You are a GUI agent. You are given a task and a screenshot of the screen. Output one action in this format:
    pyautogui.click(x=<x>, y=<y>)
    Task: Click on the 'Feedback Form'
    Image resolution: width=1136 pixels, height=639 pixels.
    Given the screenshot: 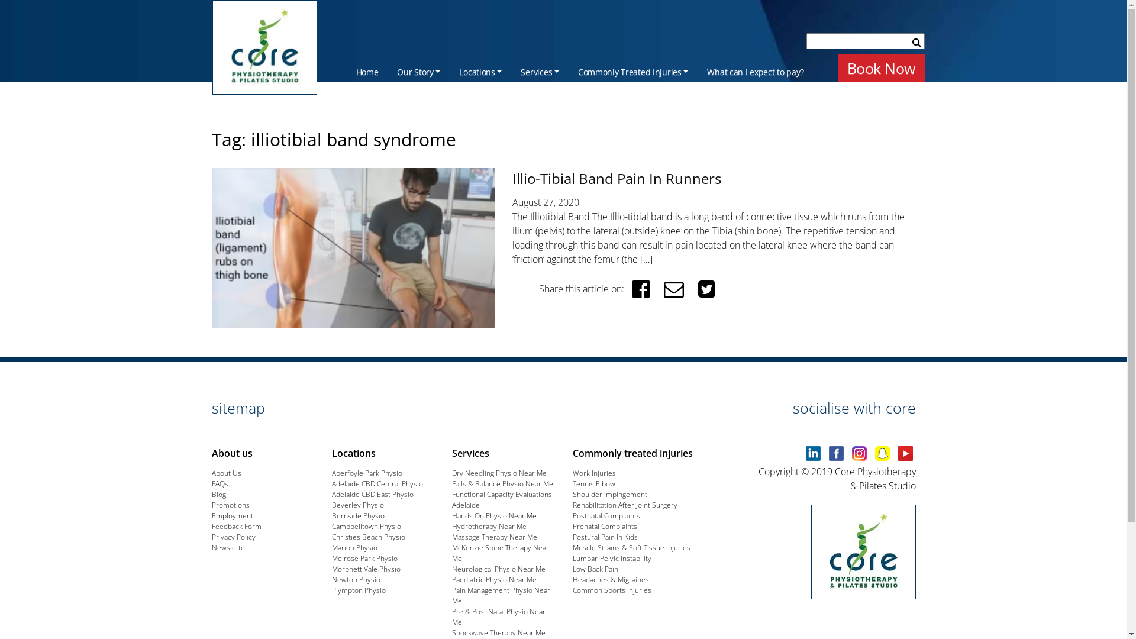 What is the action you would take?
    pyautogui.click(x=236, y=525)
    